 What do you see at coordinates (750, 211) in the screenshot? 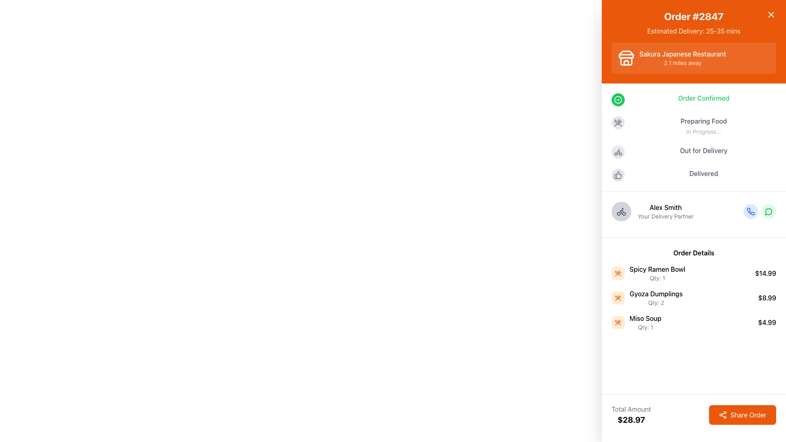
I see `the Phone Call icon located in the delivery partner's contact area to initiate a phone call` at bounding box center [750, 211].